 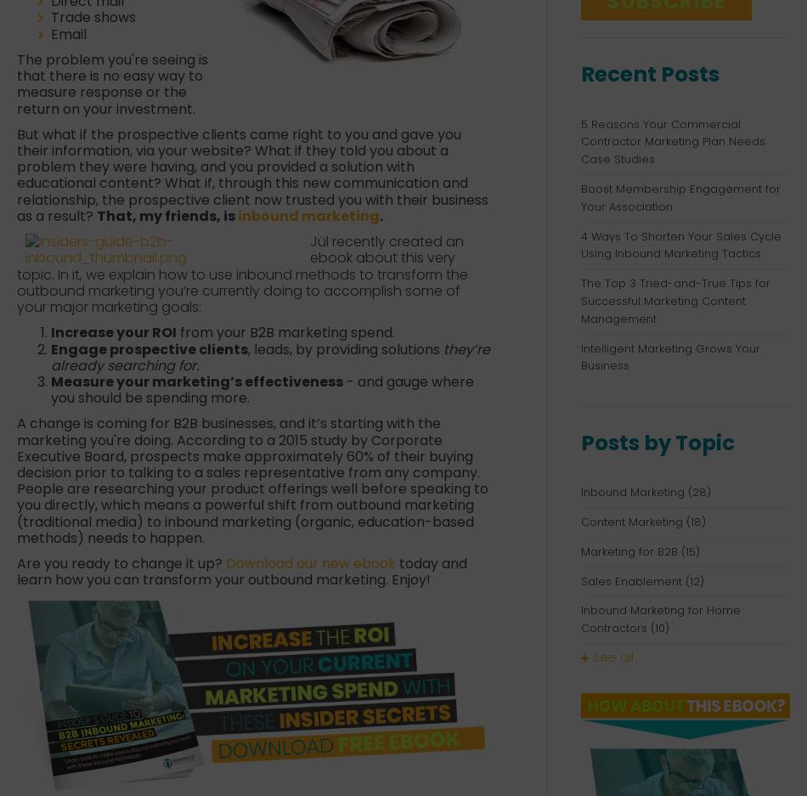 I want to click on 'But what if the prospective clients came right to you and gave you their information, via your website? What if they told you about a problem they were having, and you provided a solution with educational content? What if, through this new communication and relationship, the prospective client now trusted you with their business as a result?', so click(x=251, y=174).